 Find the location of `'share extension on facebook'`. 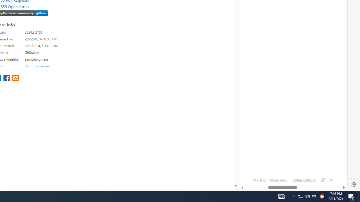

'share extension on facebook' is located at coordinates (7, 79).